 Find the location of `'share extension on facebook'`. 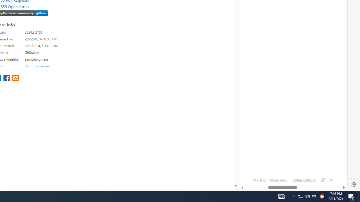

'share extension on facebook' is located at coordinates (7, 79).